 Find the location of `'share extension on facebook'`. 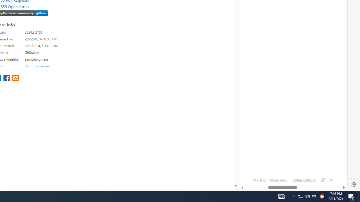

'share extension on facebook' is located at coordinates (7, 79).